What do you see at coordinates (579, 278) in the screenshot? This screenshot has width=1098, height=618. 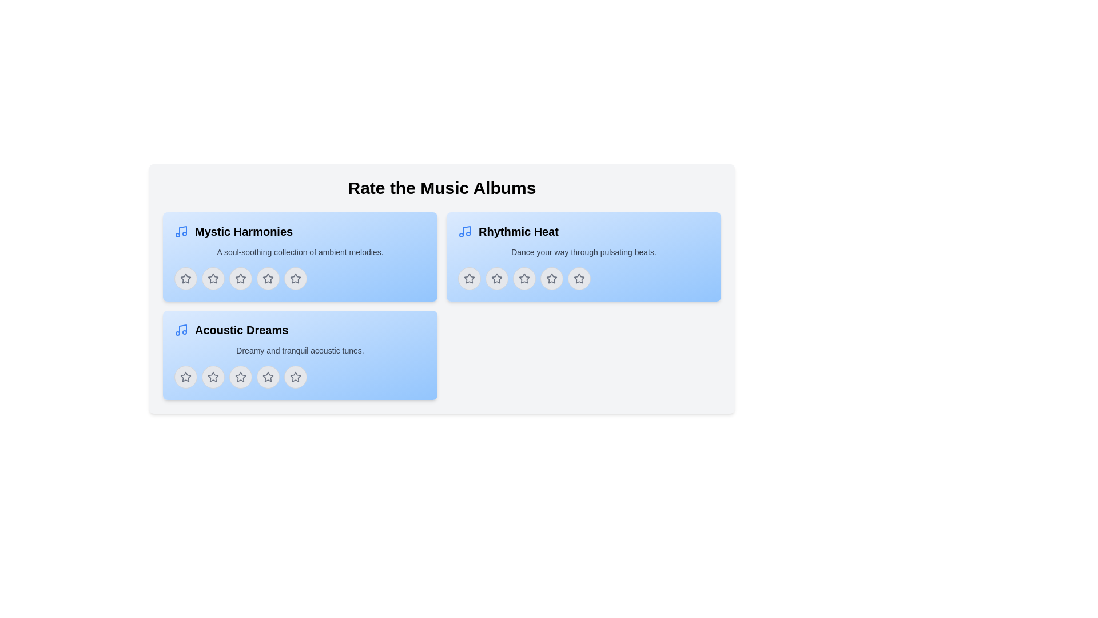 I see `the fifth rating star icon styled in gray, located below the 'Rhythmic Heat' album card to rate it` at bounding box center [579, 278].